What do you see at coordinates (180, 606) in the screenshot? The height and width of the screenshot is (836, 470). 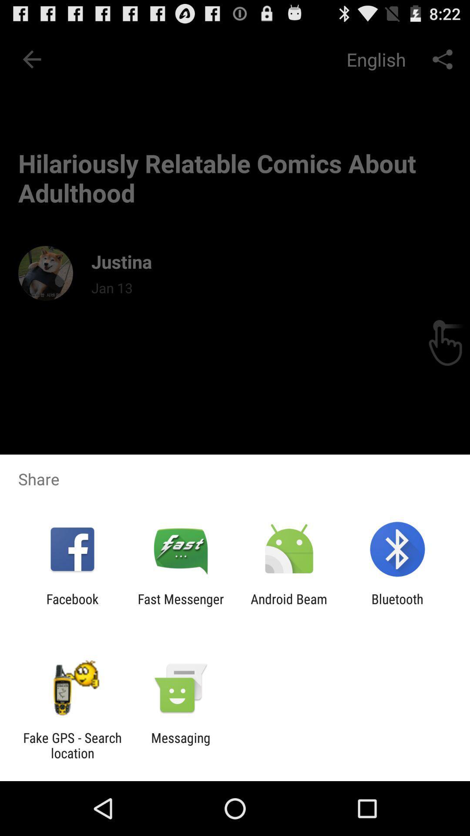 I see `fast messenger app` at bounding box center [180, 606].